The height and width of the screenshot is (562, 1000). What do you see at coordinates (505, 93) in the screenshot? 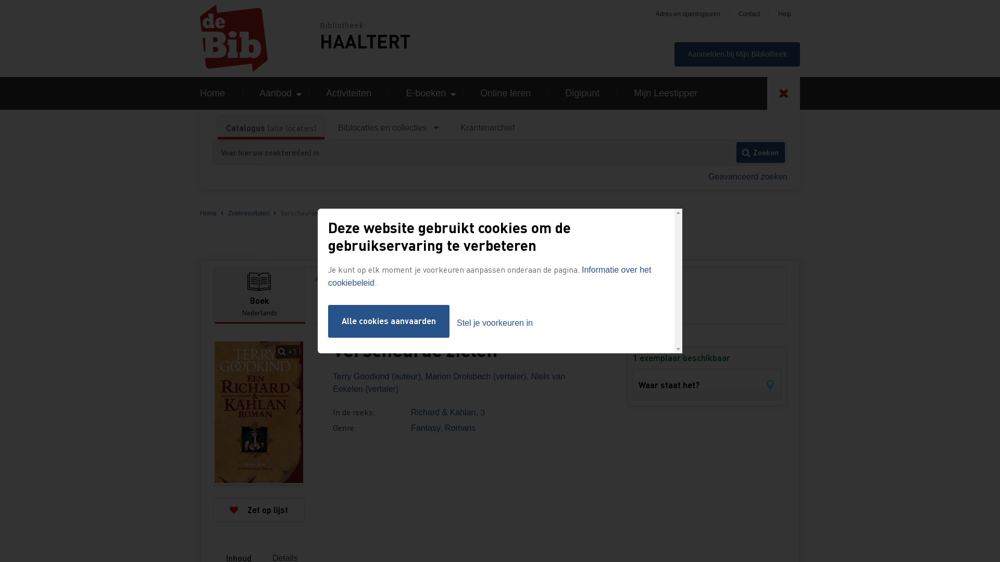
I see `'Online leren'` at bounding box center [505, 93].